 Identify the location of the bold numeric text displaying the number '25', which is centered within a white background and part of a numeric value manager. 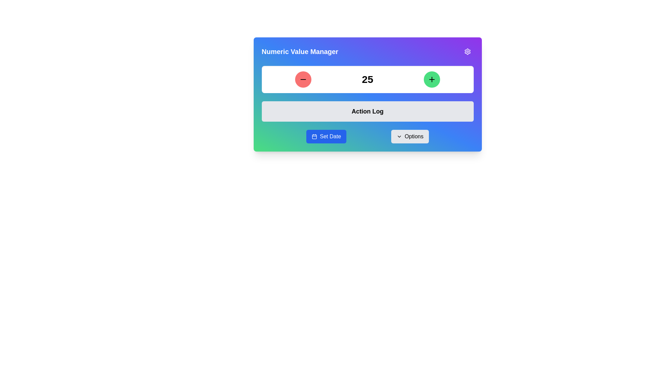
(367, 79).